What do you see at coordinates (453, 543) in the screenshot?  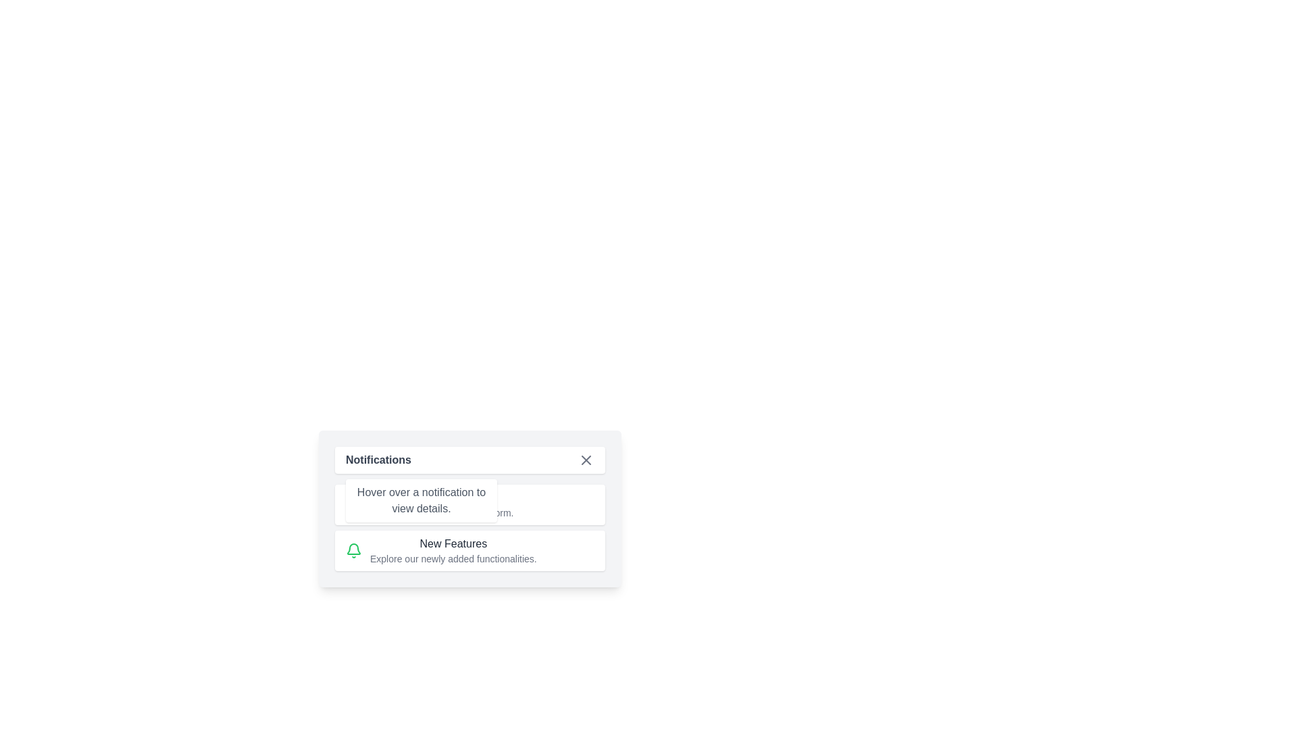 I see `title text 'New Features' located at the top of the notification card, which introduces the section about new functionalities` at bounding box center [453, 543].